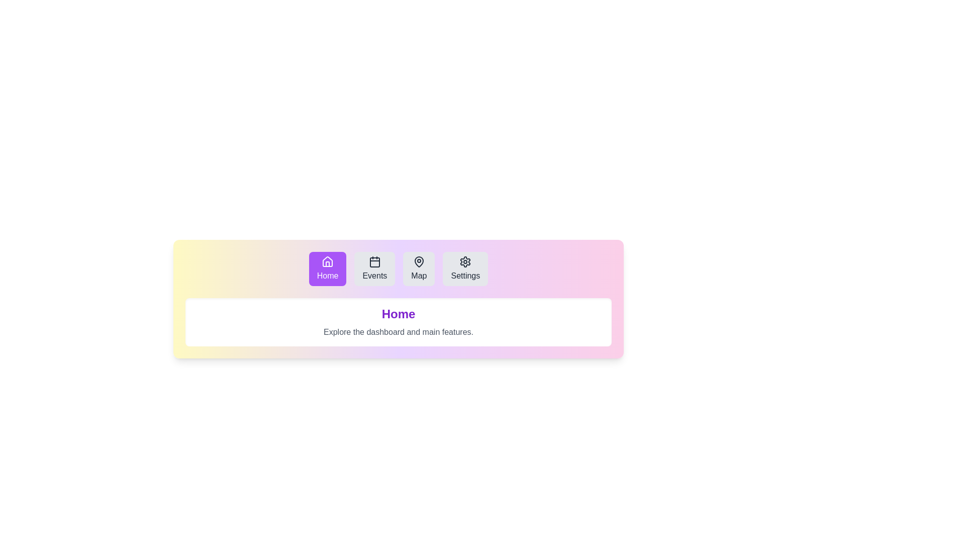  What do you see at coordinates (328, 268) in the screenshot?
I see `the Home tab to select it` at bounding box center [328, 268].